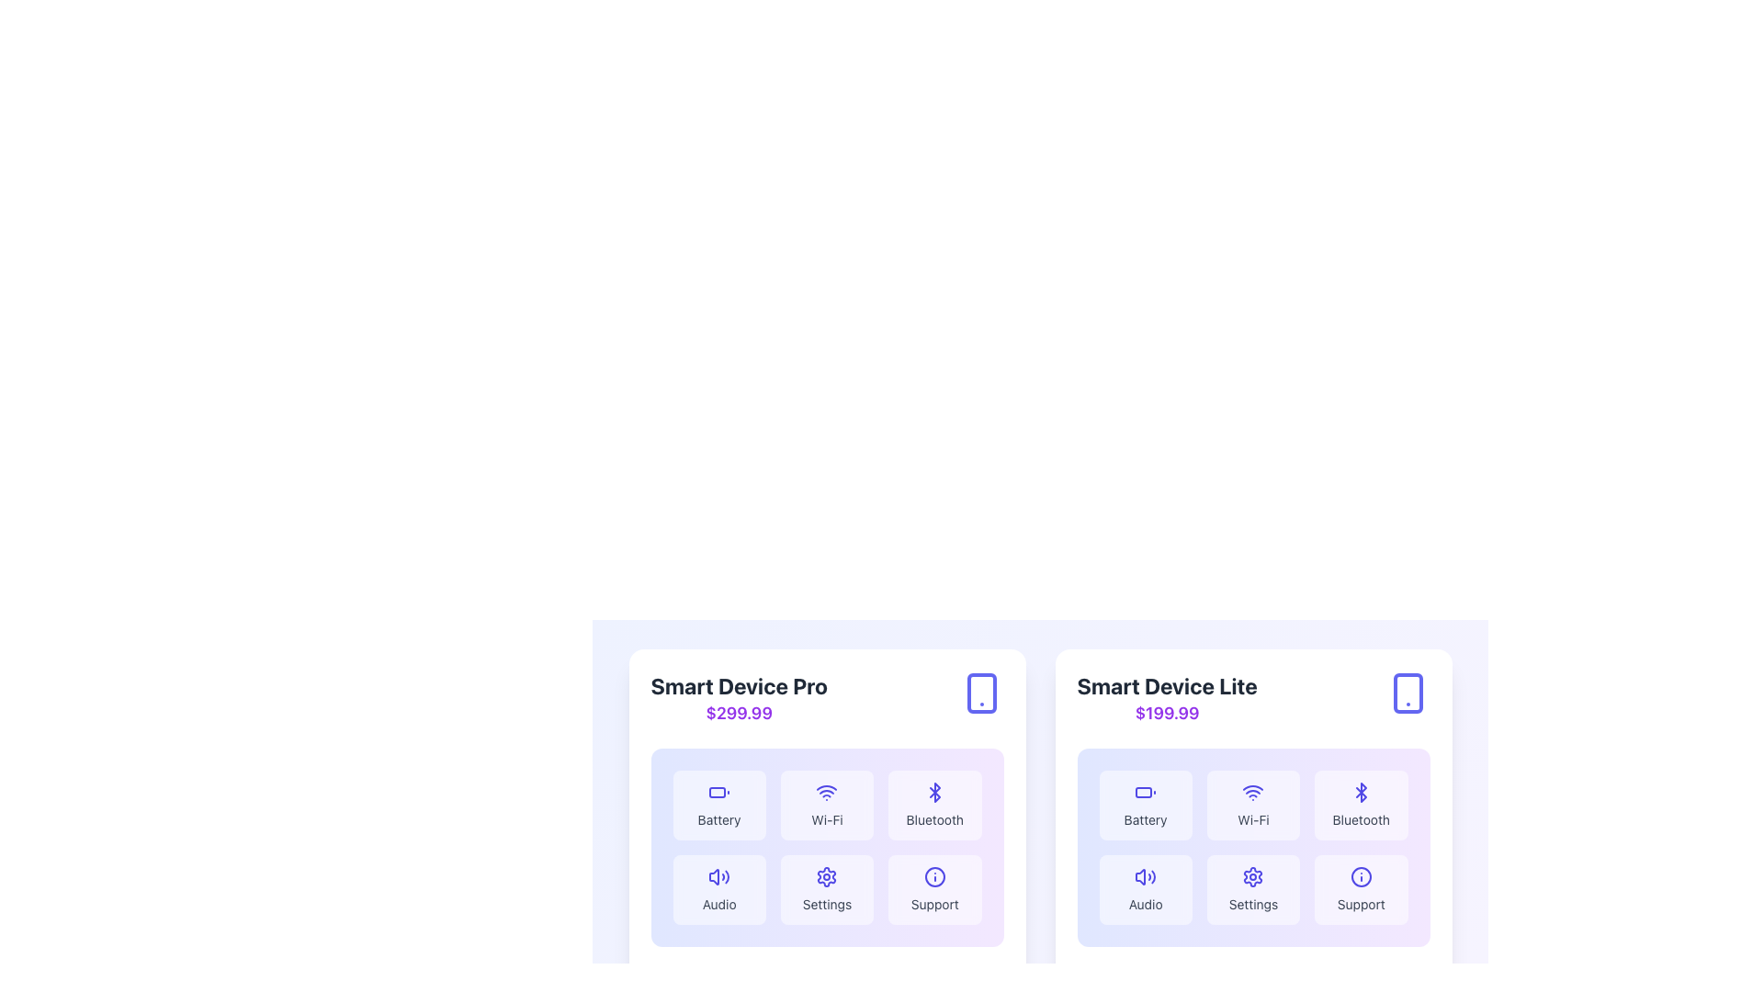 The width and height of the screenshot is (1764, 992). I want to click on the 'Support' button, which is the sixth button in a group of six, featuring a blue circular 'i' icon and gray text, located in the bottom-right corner of the 'Smart Device Lite' panel, so click(1361, 888).